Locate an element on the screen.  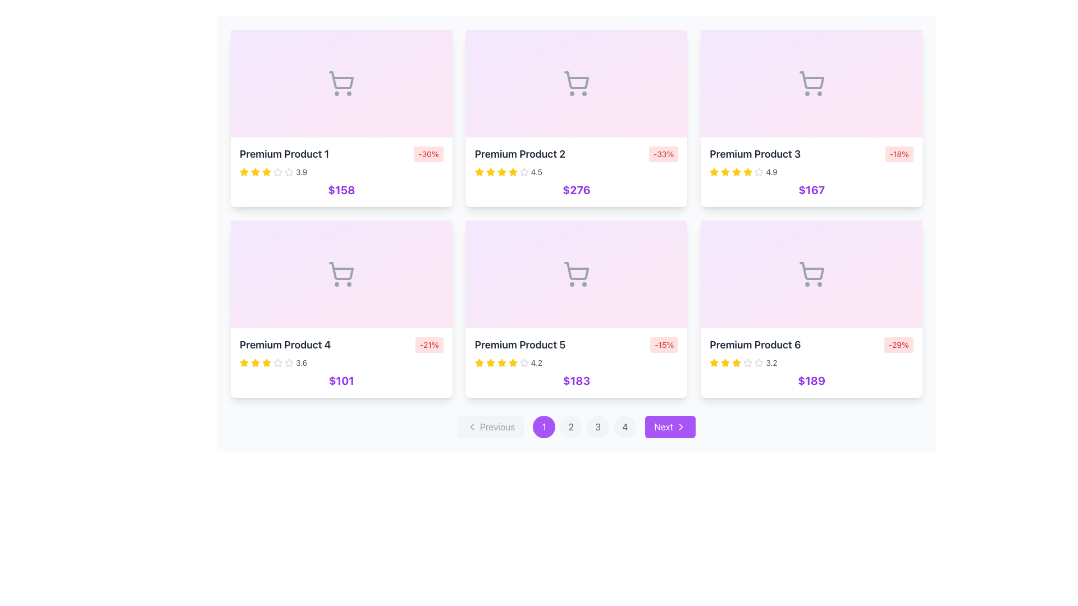
the second yellow star icon in the rating system, which is positioned below the product name and above the pricing information is located at coordinates (512, 362).